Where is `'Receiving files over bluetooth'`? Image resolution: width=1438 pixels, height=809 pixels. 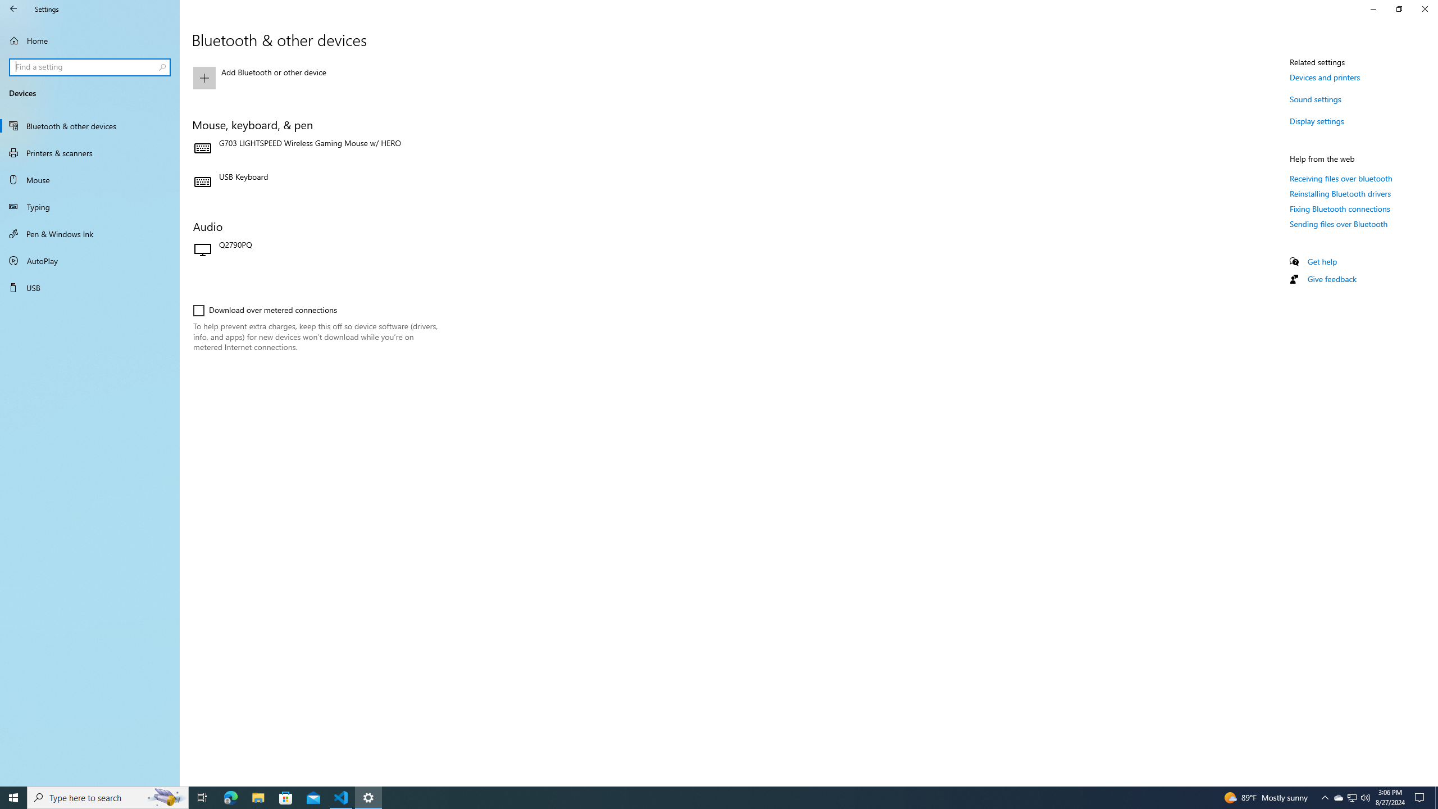 'Receiving files over bluetooth' is located at coordinates (1340, 178).